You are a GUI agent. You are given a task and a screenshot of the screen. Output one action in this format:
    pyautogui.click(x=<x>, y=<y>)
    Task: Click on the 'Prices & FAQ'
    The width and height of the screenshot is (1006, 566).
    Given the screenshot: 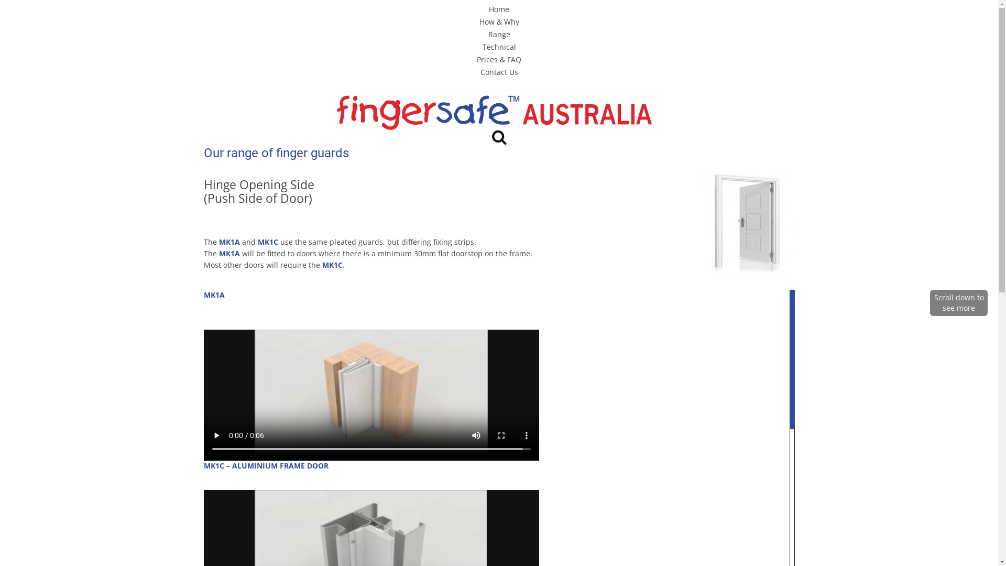 What is the action you would take?
    pyautogui.click(x=498, y=59)
    